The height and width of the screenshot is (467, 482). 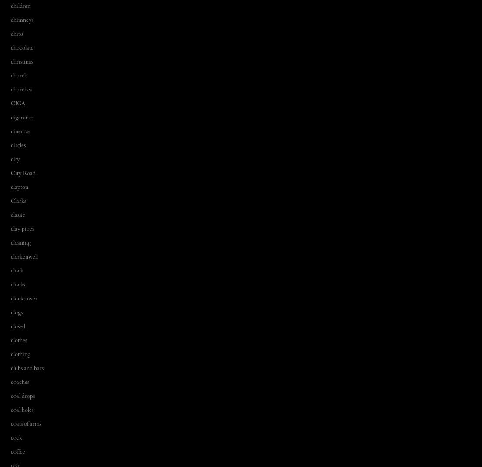 I want to click on 'City Road', so click(x=23, y=172).